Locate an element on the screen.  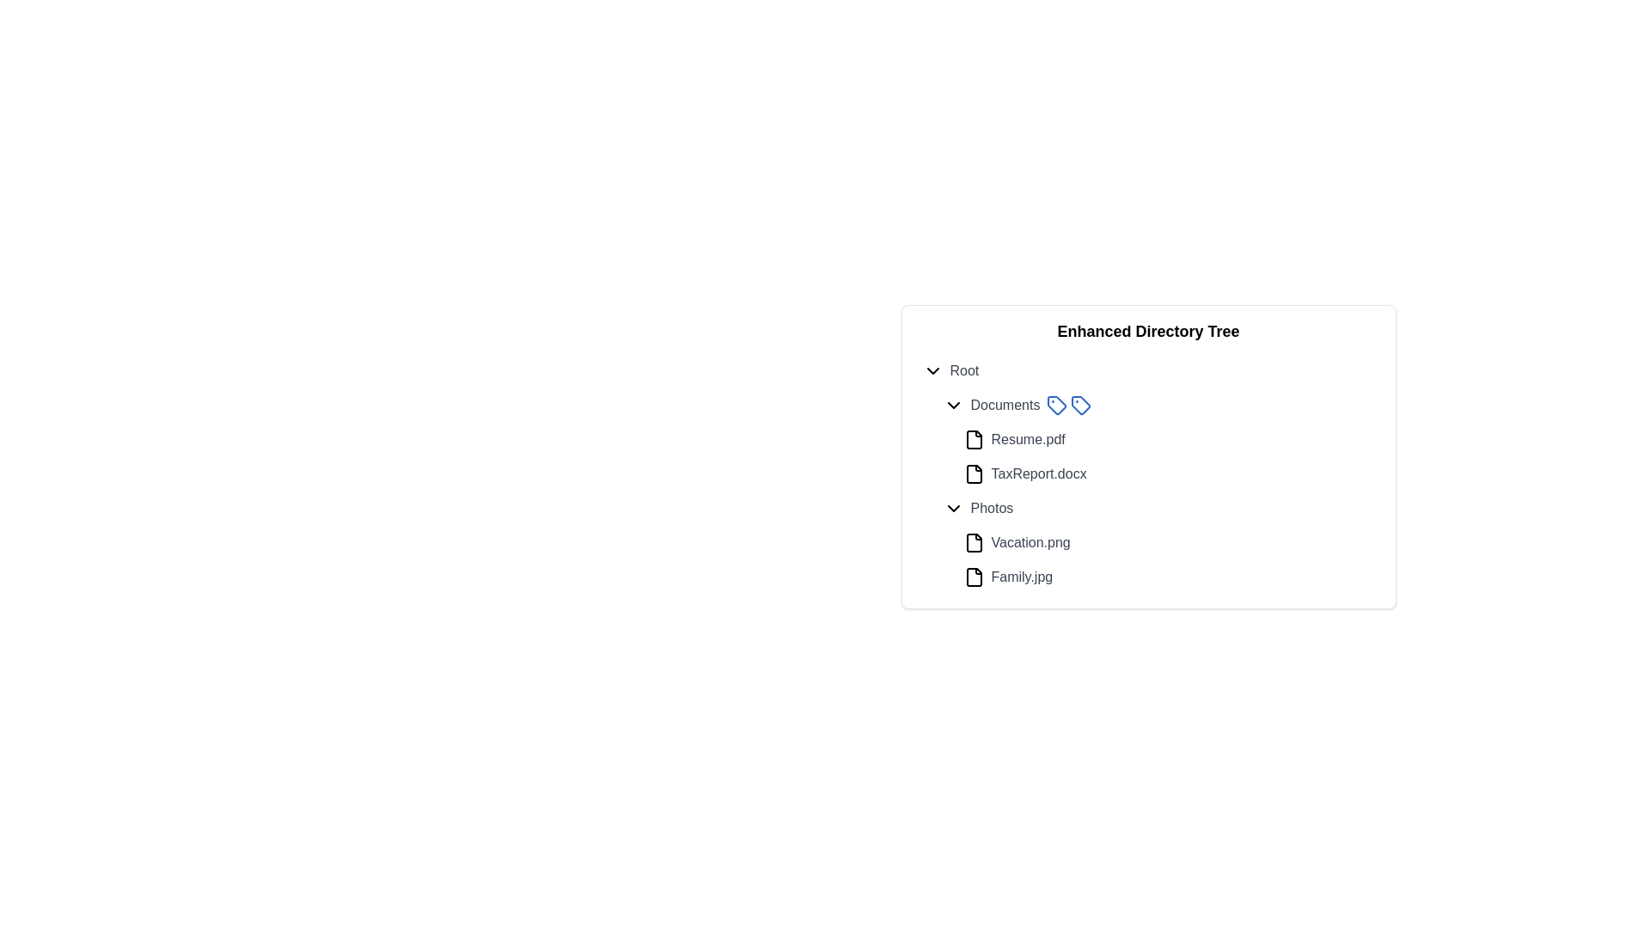
the file icon representing 'Vacation.png' in the 'Photos' folder section is located at coordinates (974, 543).